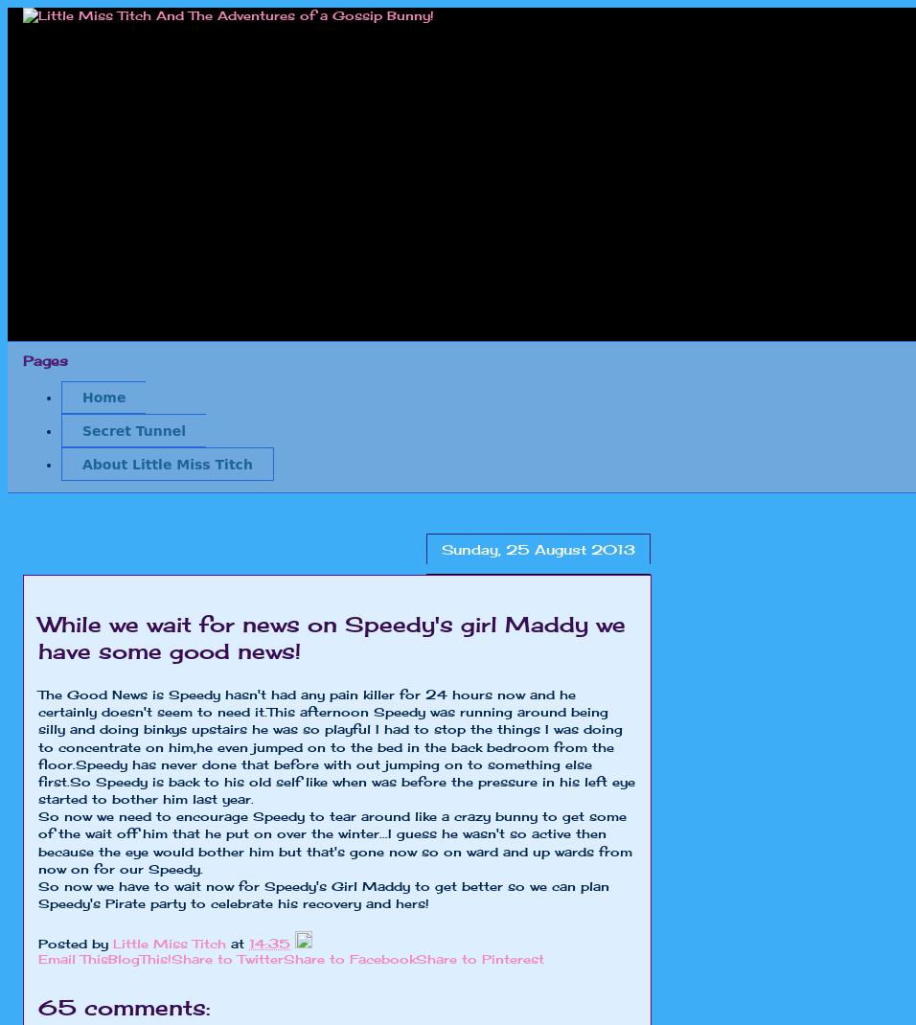  I want to click on 'Sunday, 25 August 2013', so click(441, 547).